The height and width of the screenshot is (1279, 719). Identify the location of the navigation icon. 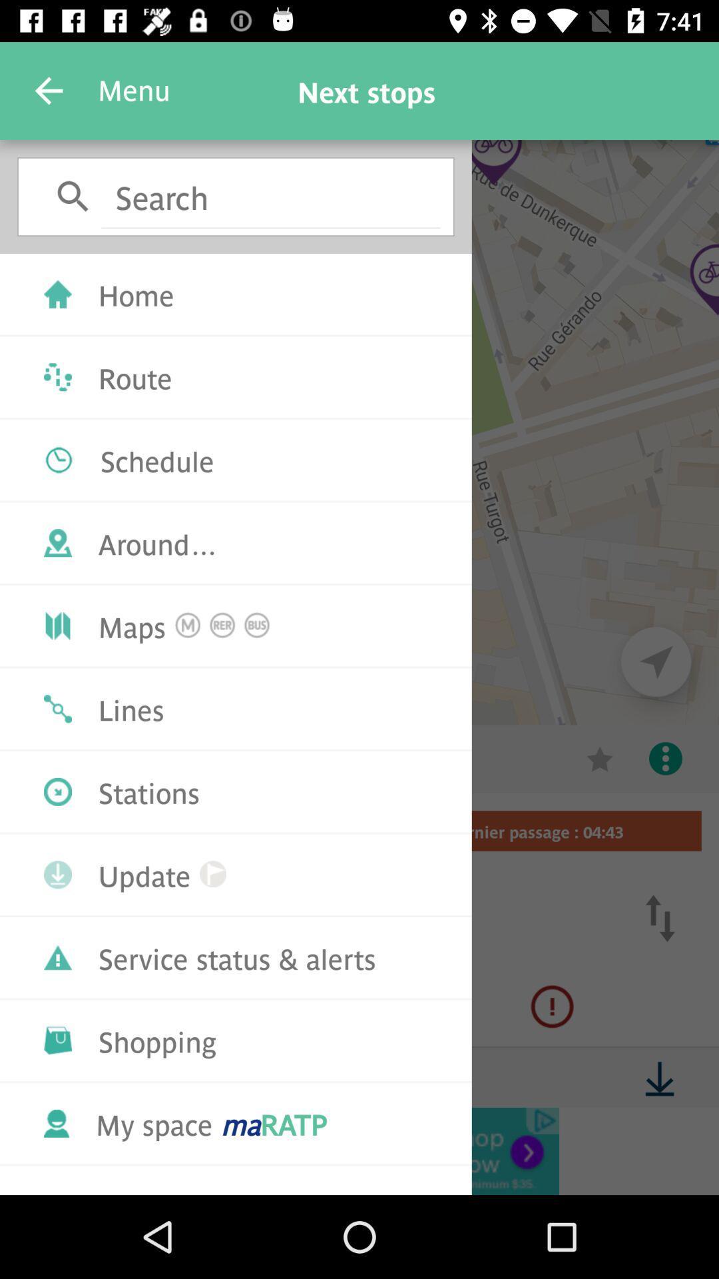
(655, 661).